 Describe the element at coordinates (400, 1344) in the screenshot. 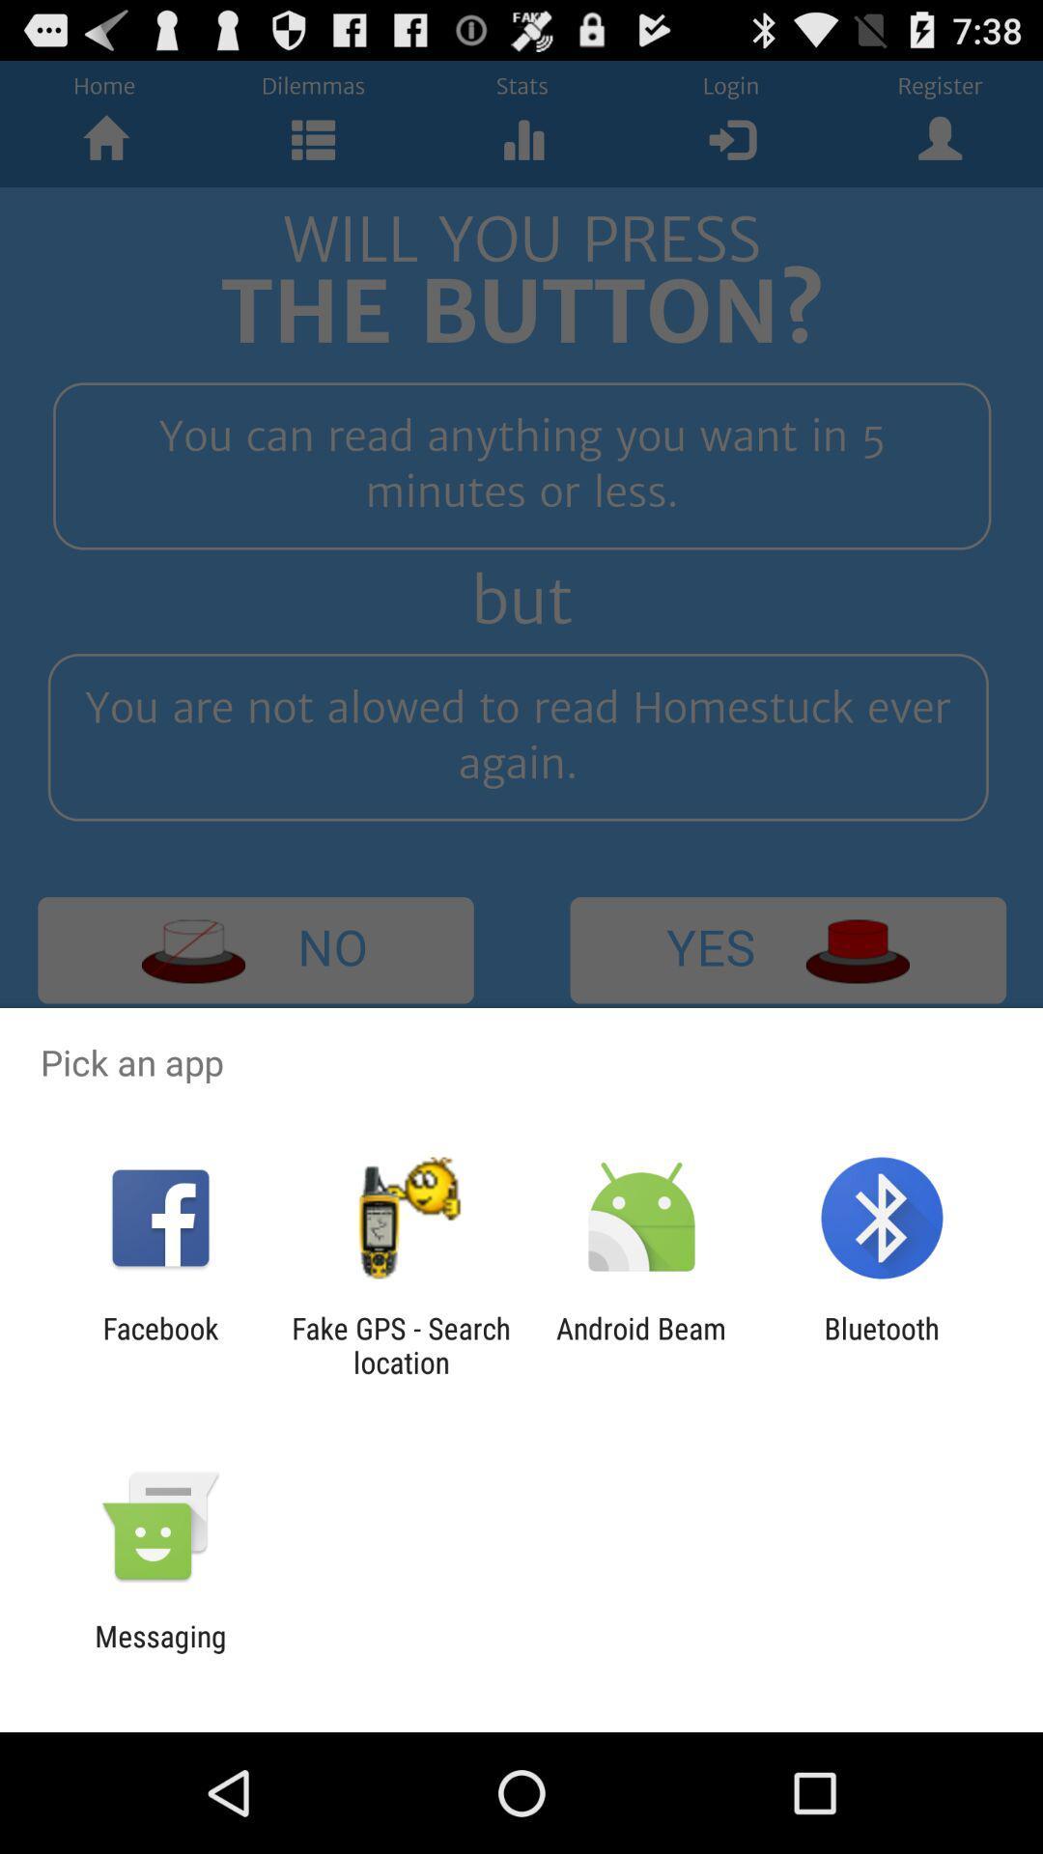

I see `icon to the right of the facebook item` at that location.